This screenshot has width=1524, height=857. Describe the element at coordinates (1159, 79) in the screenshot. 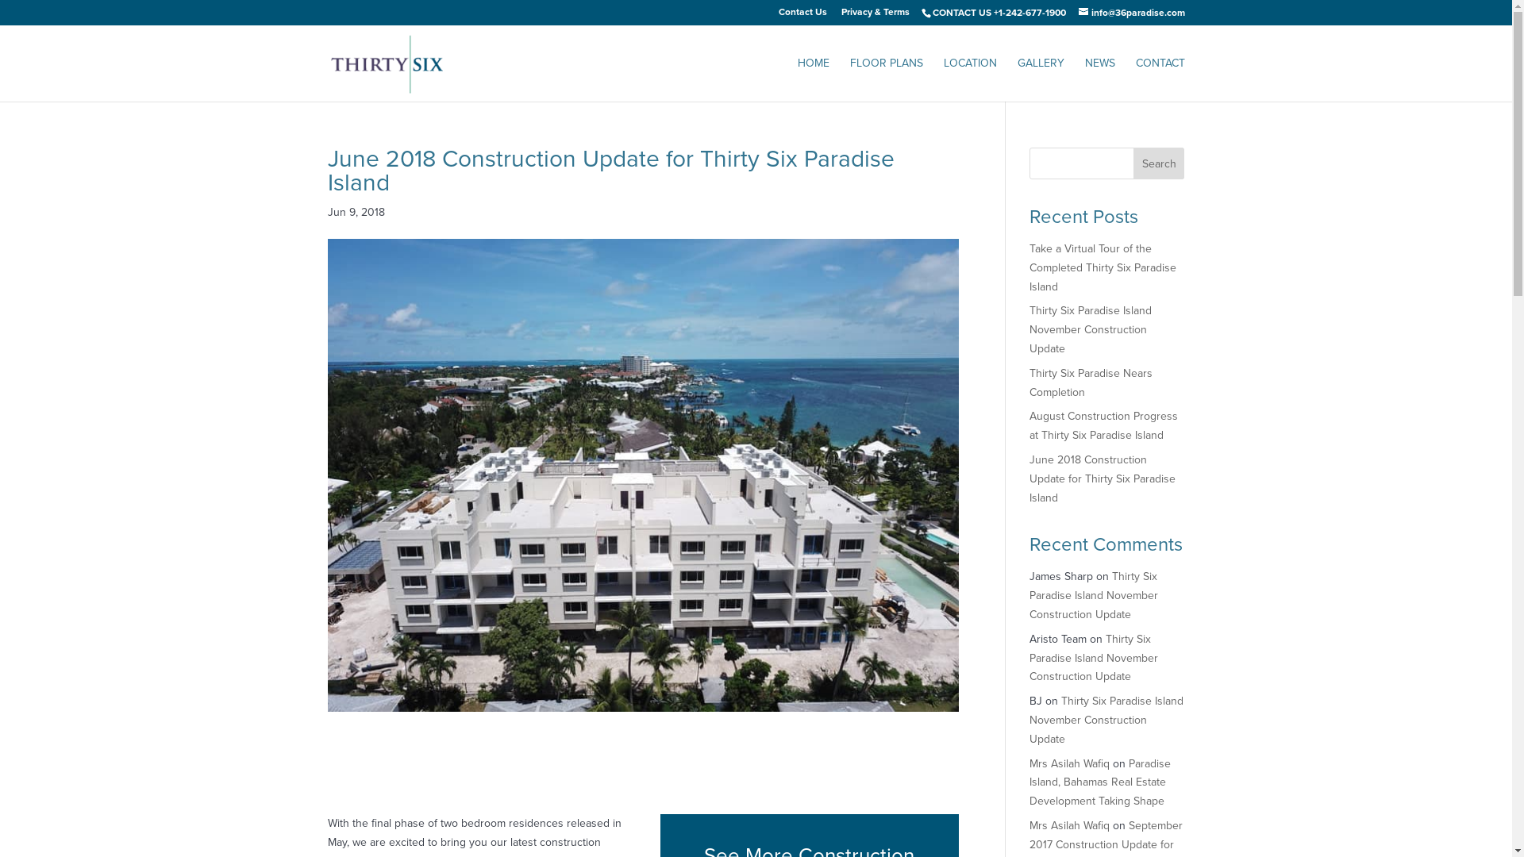

I see `'CONTACT'` at that location.